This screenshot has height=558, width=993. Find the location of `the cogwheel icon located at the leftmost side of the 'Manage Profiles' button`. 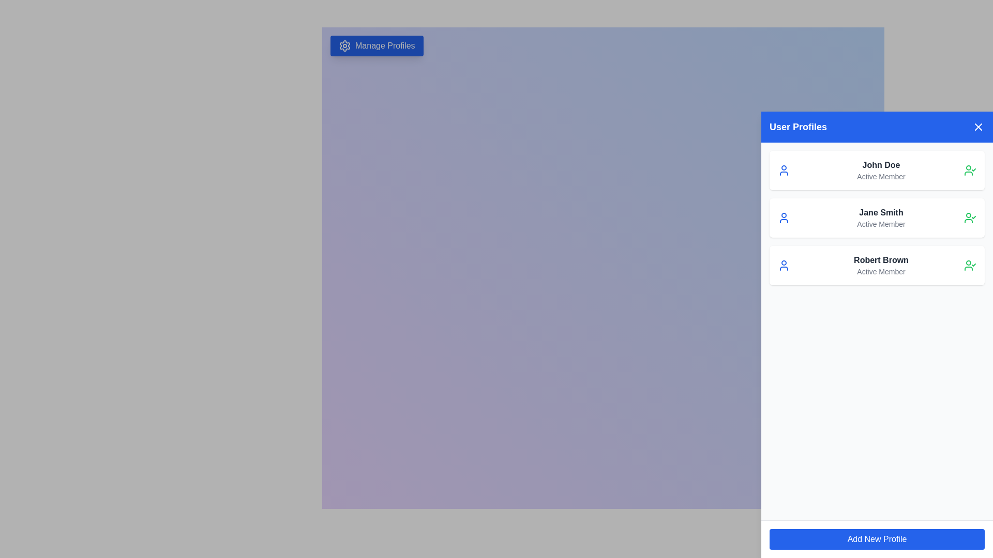

the cogwheel icon located at the leftmost side of the 'Manage Profiles' button is located at coordinates (345, 45).